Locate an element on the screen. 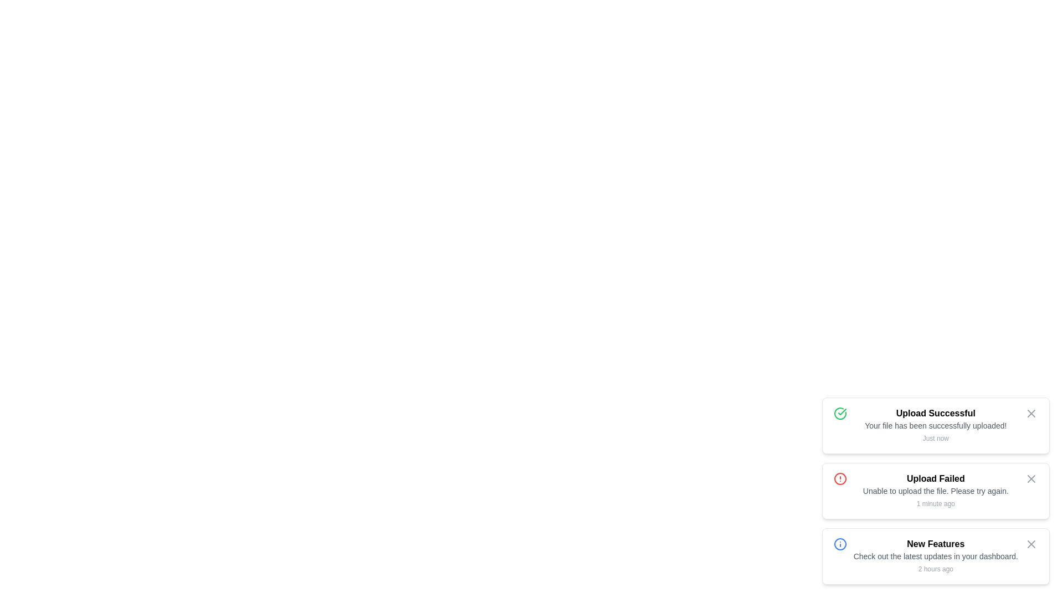  the notification with title Upload Failed is located at coordinates (935, 491).